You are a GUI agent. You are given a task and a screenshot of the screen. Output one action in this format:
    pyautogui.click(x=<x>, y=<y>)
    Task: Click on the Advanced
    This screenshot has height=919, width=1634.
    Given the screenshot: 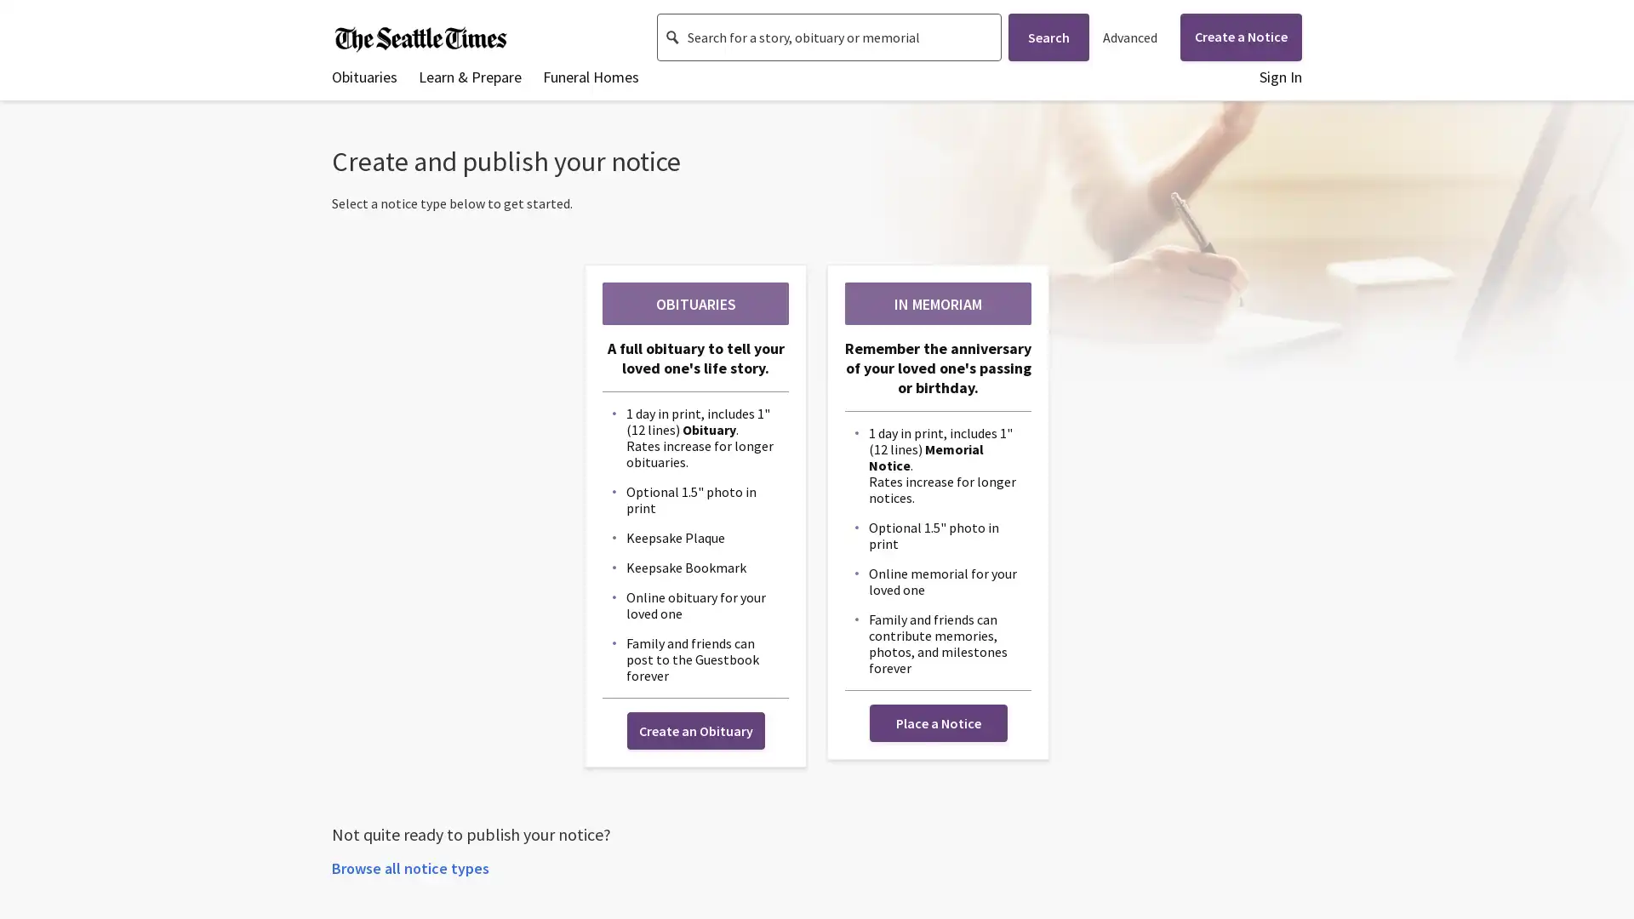 What is the action you would take?
    pyautogui.click(x=1128, y=37)
    